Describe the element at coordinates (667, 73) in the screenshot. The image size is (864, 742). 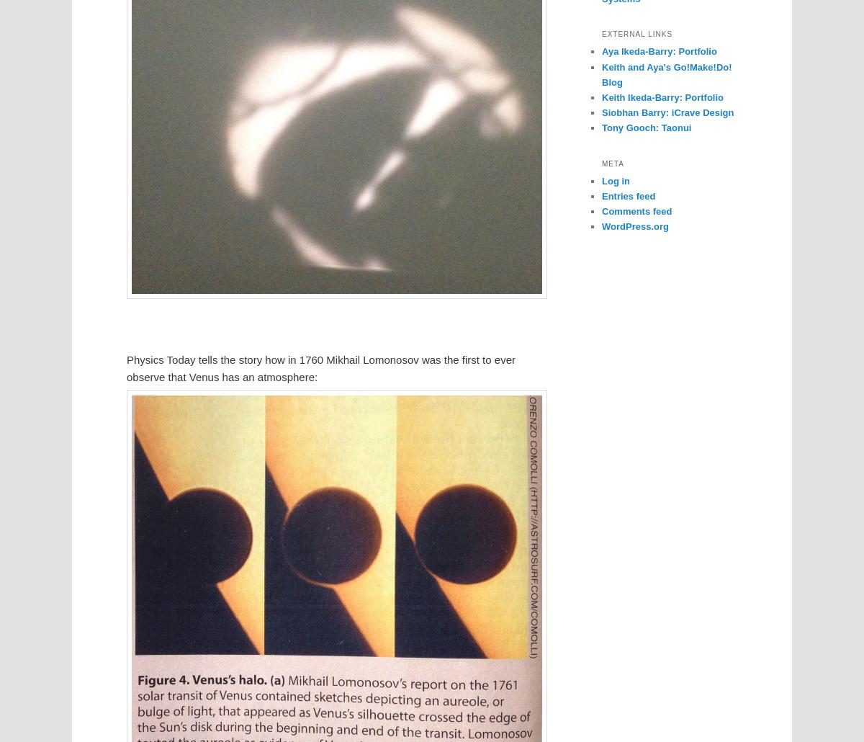
I see `'Keith and Aya's Go!Make!Do! Blog'` at that location.